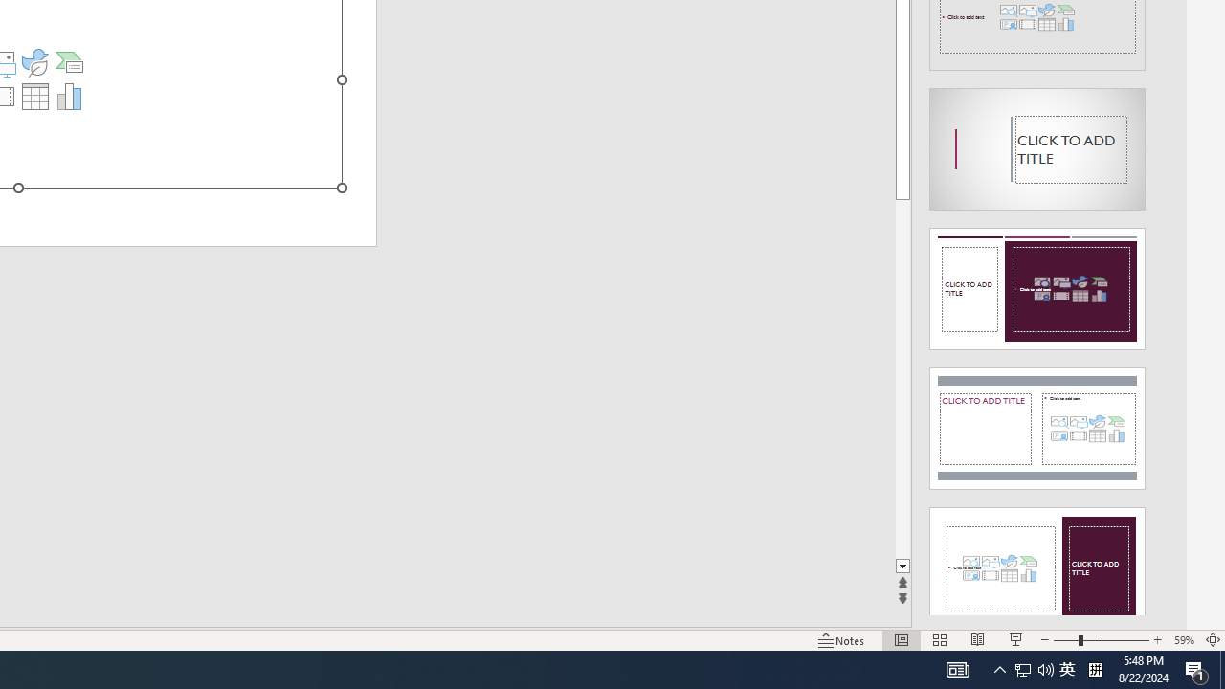 Image resolution: width=1225 pixels, height=689 pixels. I want to click on 'Insert Table', so click(34, 96).